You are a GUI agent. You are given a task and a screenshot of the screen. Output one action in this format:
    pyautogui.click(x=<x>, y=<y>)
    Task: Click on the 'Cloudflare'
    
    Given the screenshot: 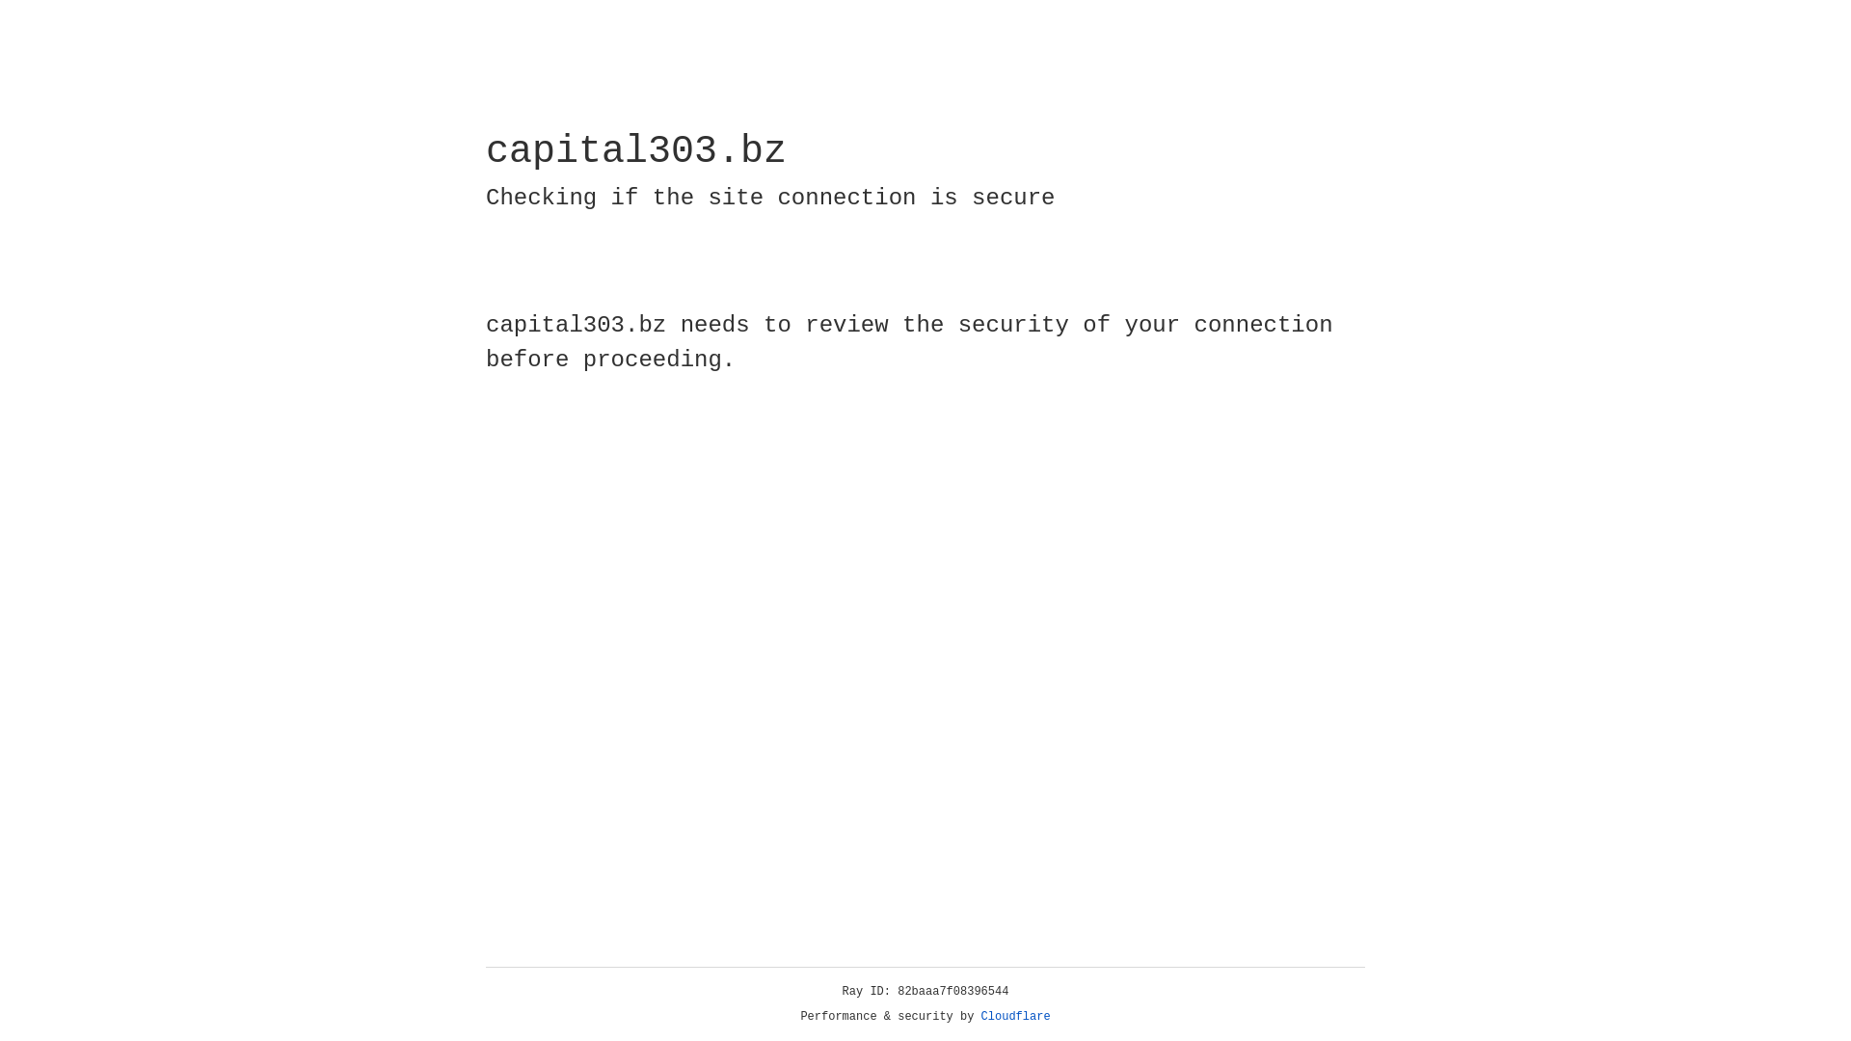 What is the action you would take?
    pyautogui.click(x=1015, y=1016)
    